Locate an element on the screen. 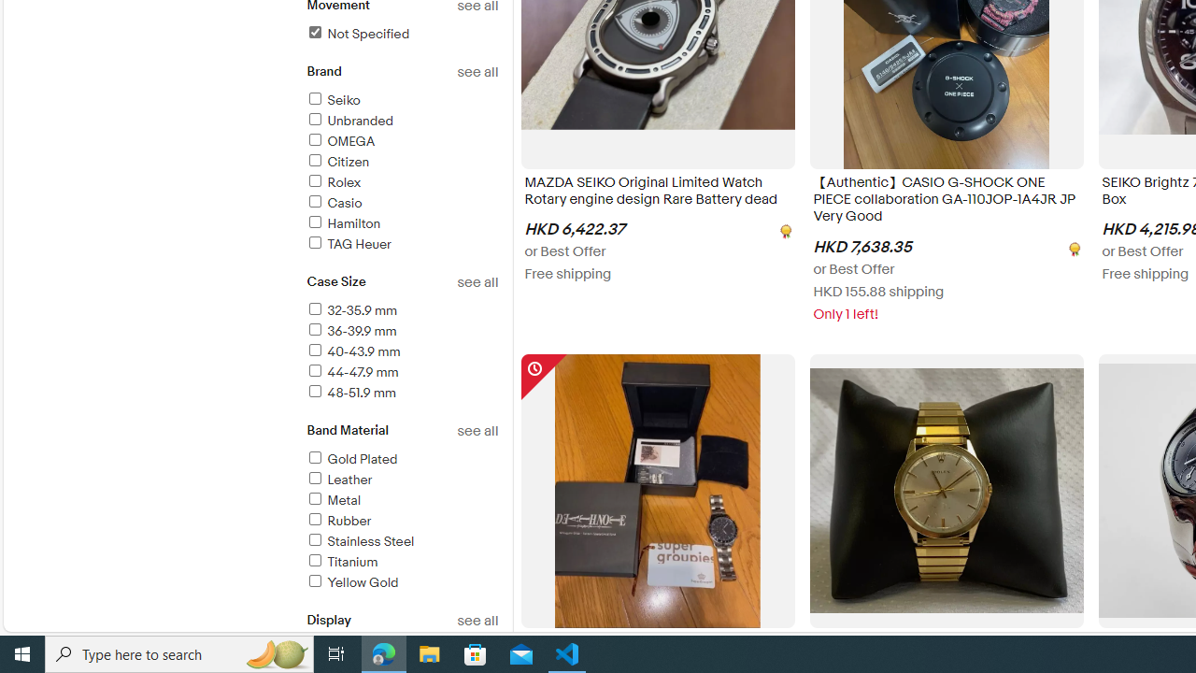 Image resolution: width=1196 pixels, height=673 pixels. 'Metal' is located at coordinates (333, 499).